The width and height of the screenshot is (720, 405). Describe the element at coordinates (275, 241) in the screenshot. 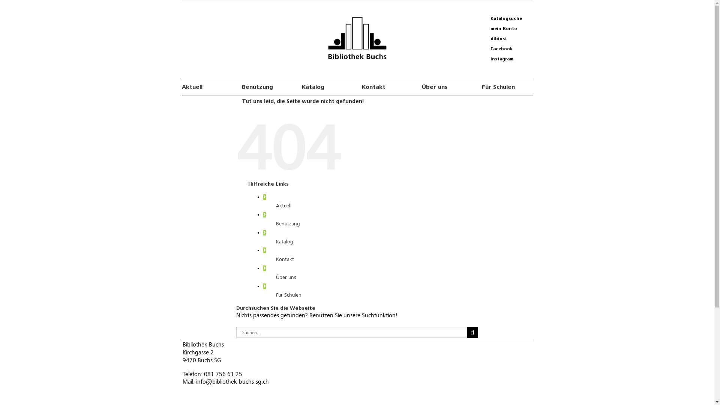

I see `'Katalog'` at that location.